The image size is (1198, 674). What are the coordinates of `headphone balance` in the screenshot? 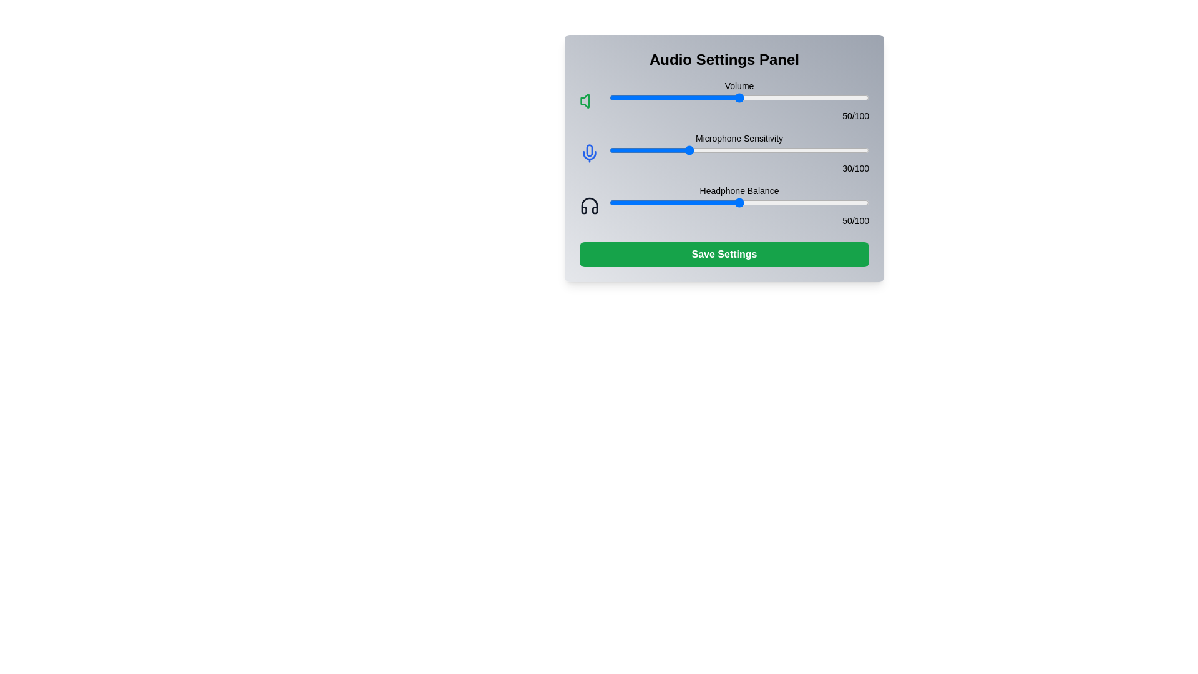 It's located at (681, 202).